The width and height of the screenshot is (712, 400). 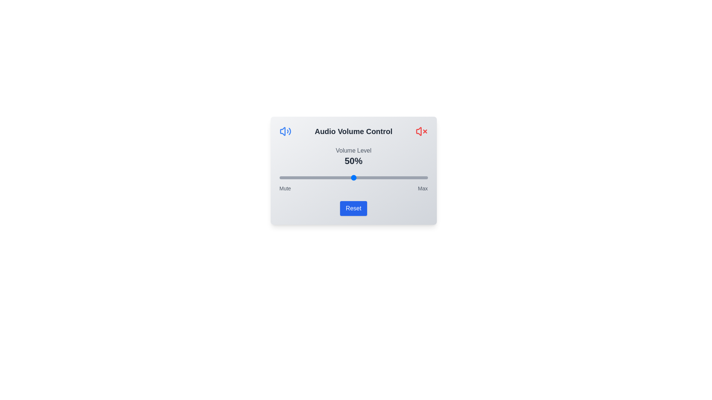 I want to click on the volume slider to 50%, so click(x=353, y=177).